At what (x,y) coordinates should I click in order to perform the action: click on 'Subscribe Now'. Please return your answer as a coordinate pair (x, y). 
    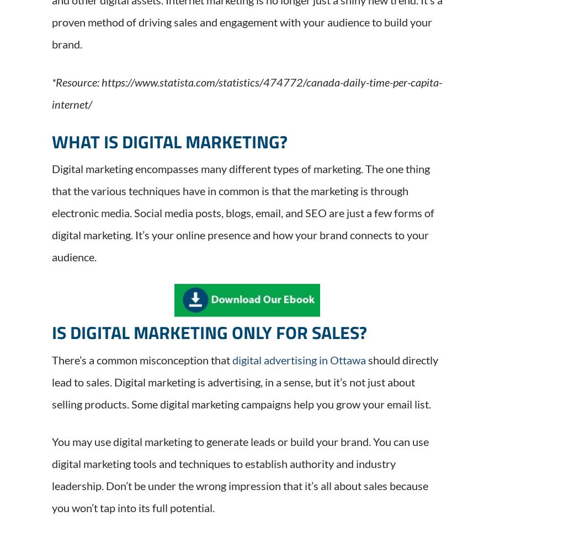
    Looking at the image, I should click on (432, 466).